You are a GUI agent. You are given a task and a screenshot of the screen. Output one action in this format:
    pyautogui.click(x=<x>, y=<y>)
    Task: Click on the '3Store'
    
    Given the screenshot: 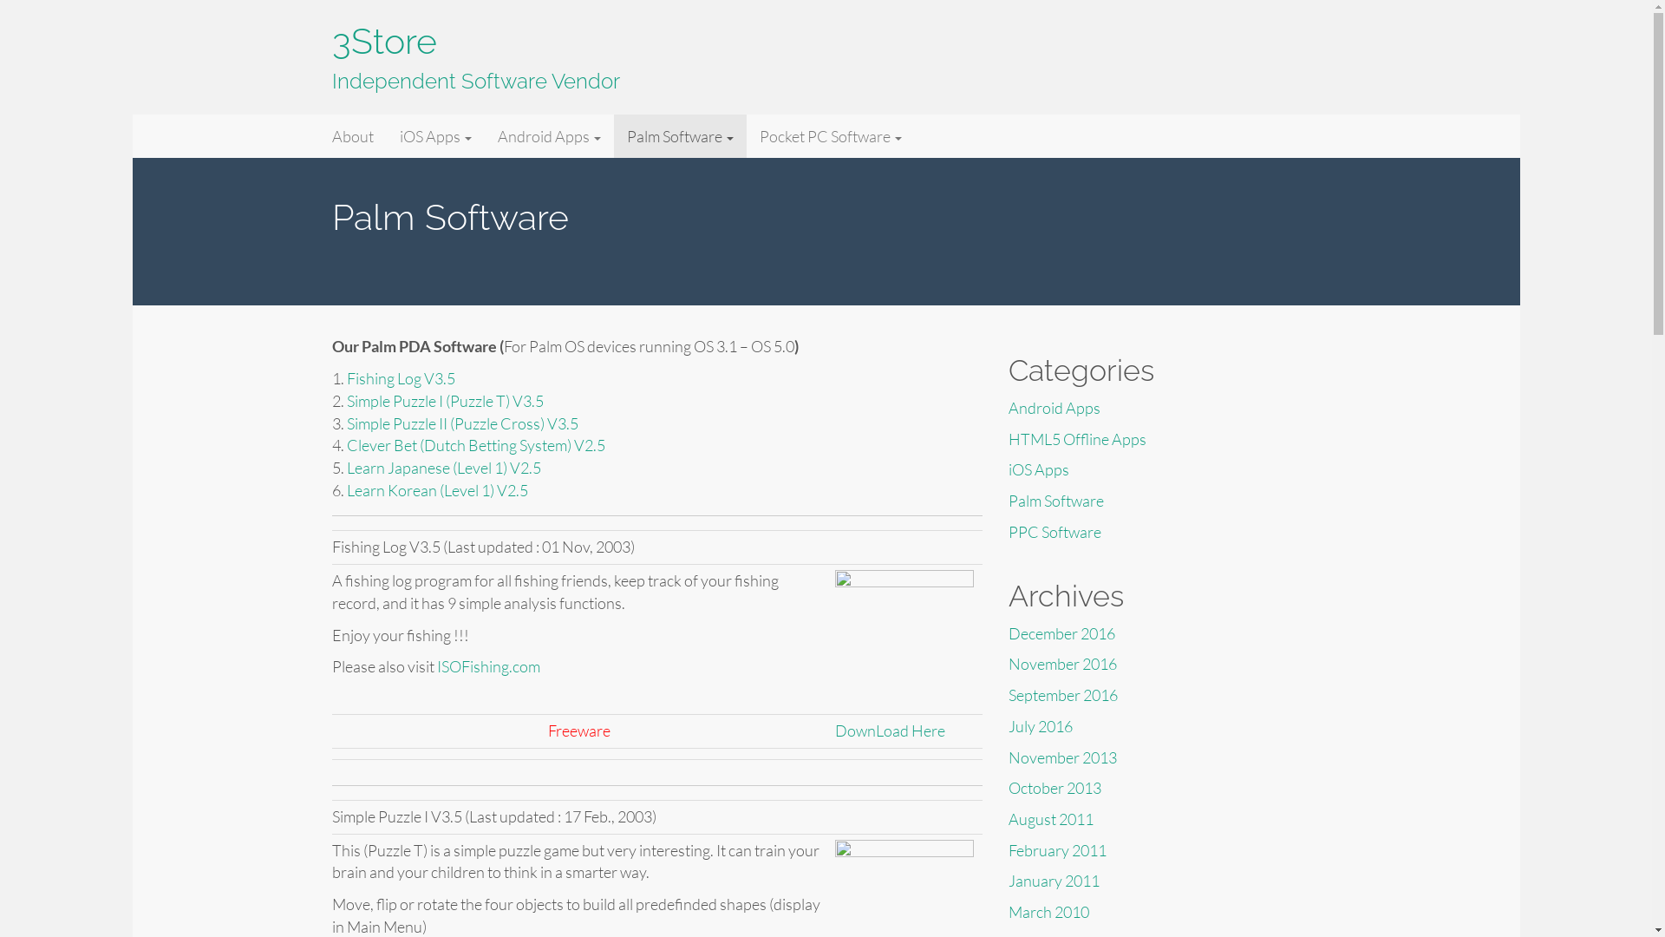 What is the action you would take?
    pyautogui.click(x=382, y=40)
    